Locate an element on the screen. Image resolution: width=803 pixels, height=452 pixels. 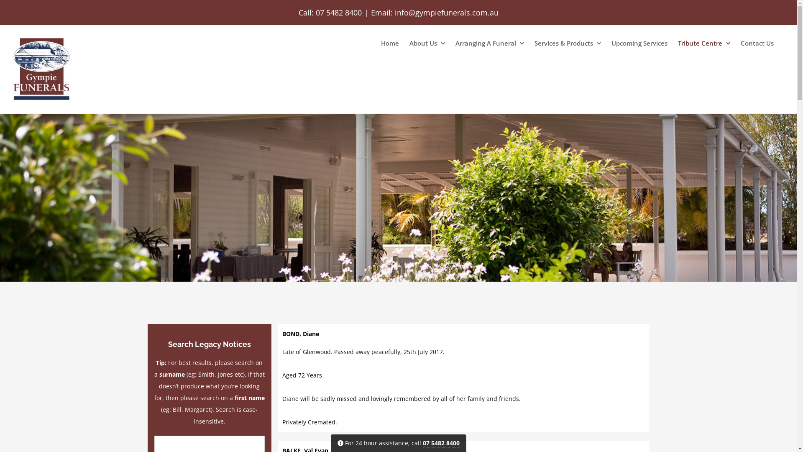
'Upcoming Services' is located at coordinates (611, 43).